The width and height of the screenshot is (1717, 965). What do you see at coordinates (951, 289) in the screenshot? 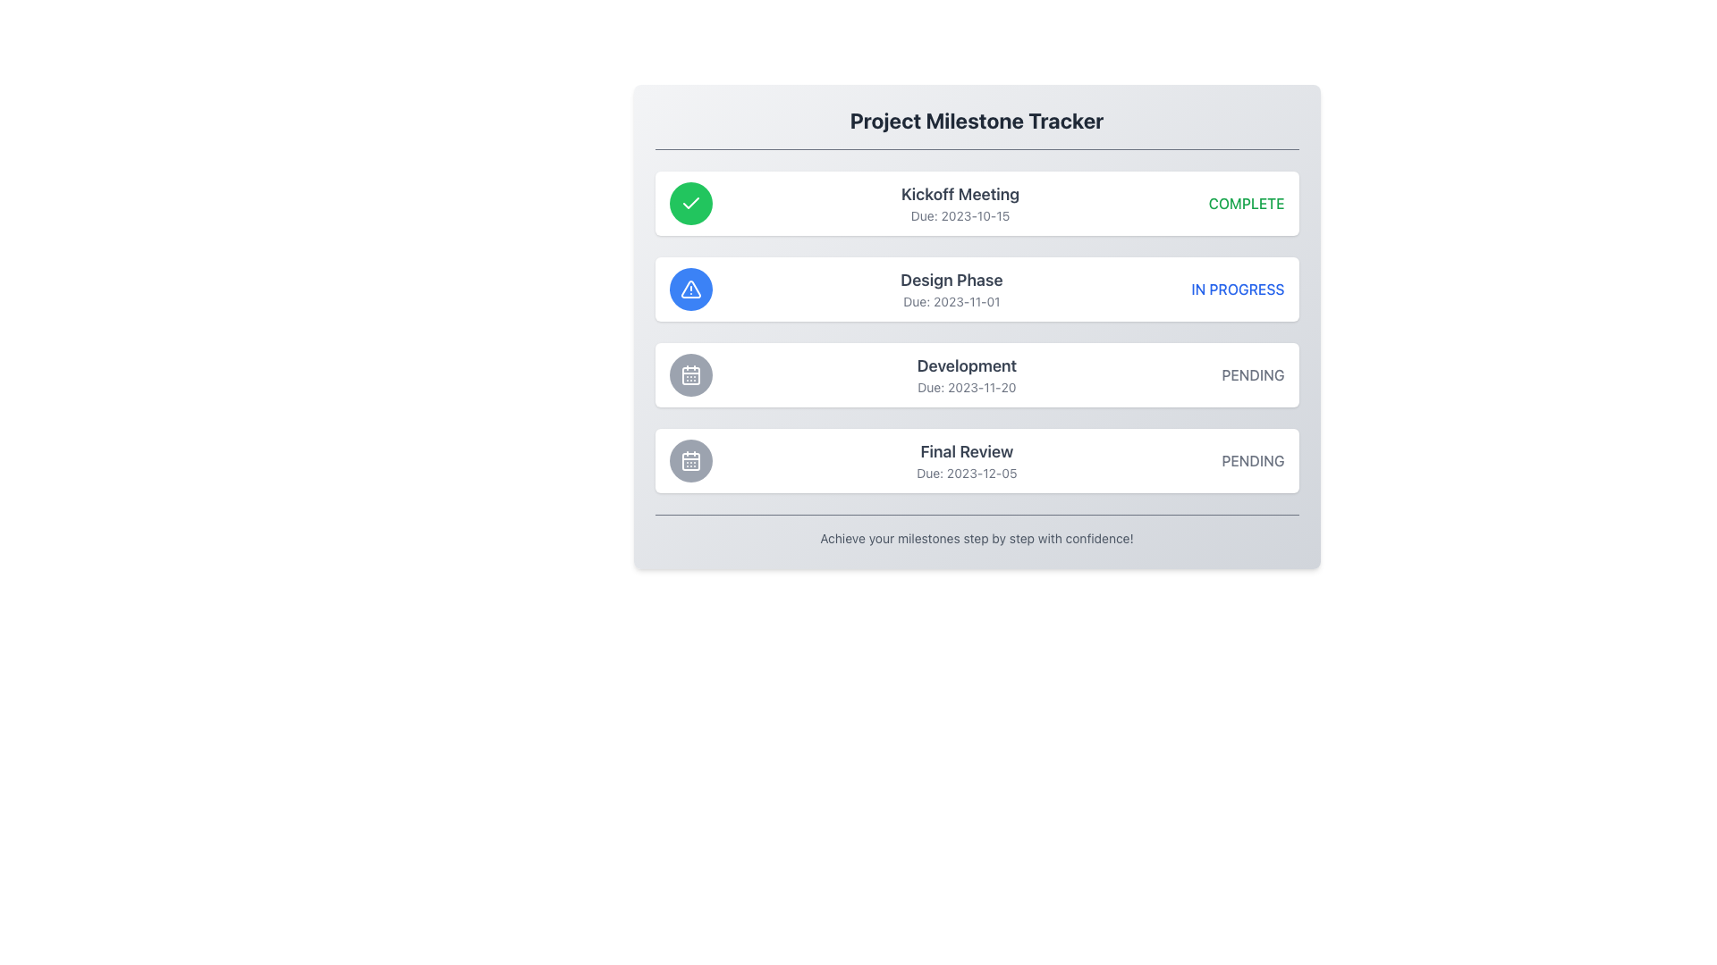
I see `milestone details displayed in the 'Design Phase' section of the Project Milestone Tracker, which is centrally located in the second row of the milestone list` at bounding box center [951, 289].